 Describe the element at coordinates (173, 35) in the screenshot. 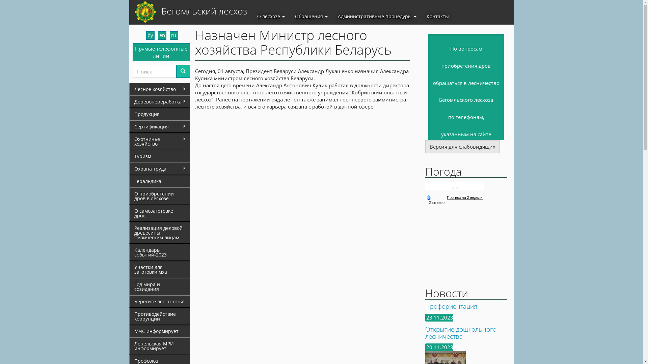

I see `'ru'` at that location.